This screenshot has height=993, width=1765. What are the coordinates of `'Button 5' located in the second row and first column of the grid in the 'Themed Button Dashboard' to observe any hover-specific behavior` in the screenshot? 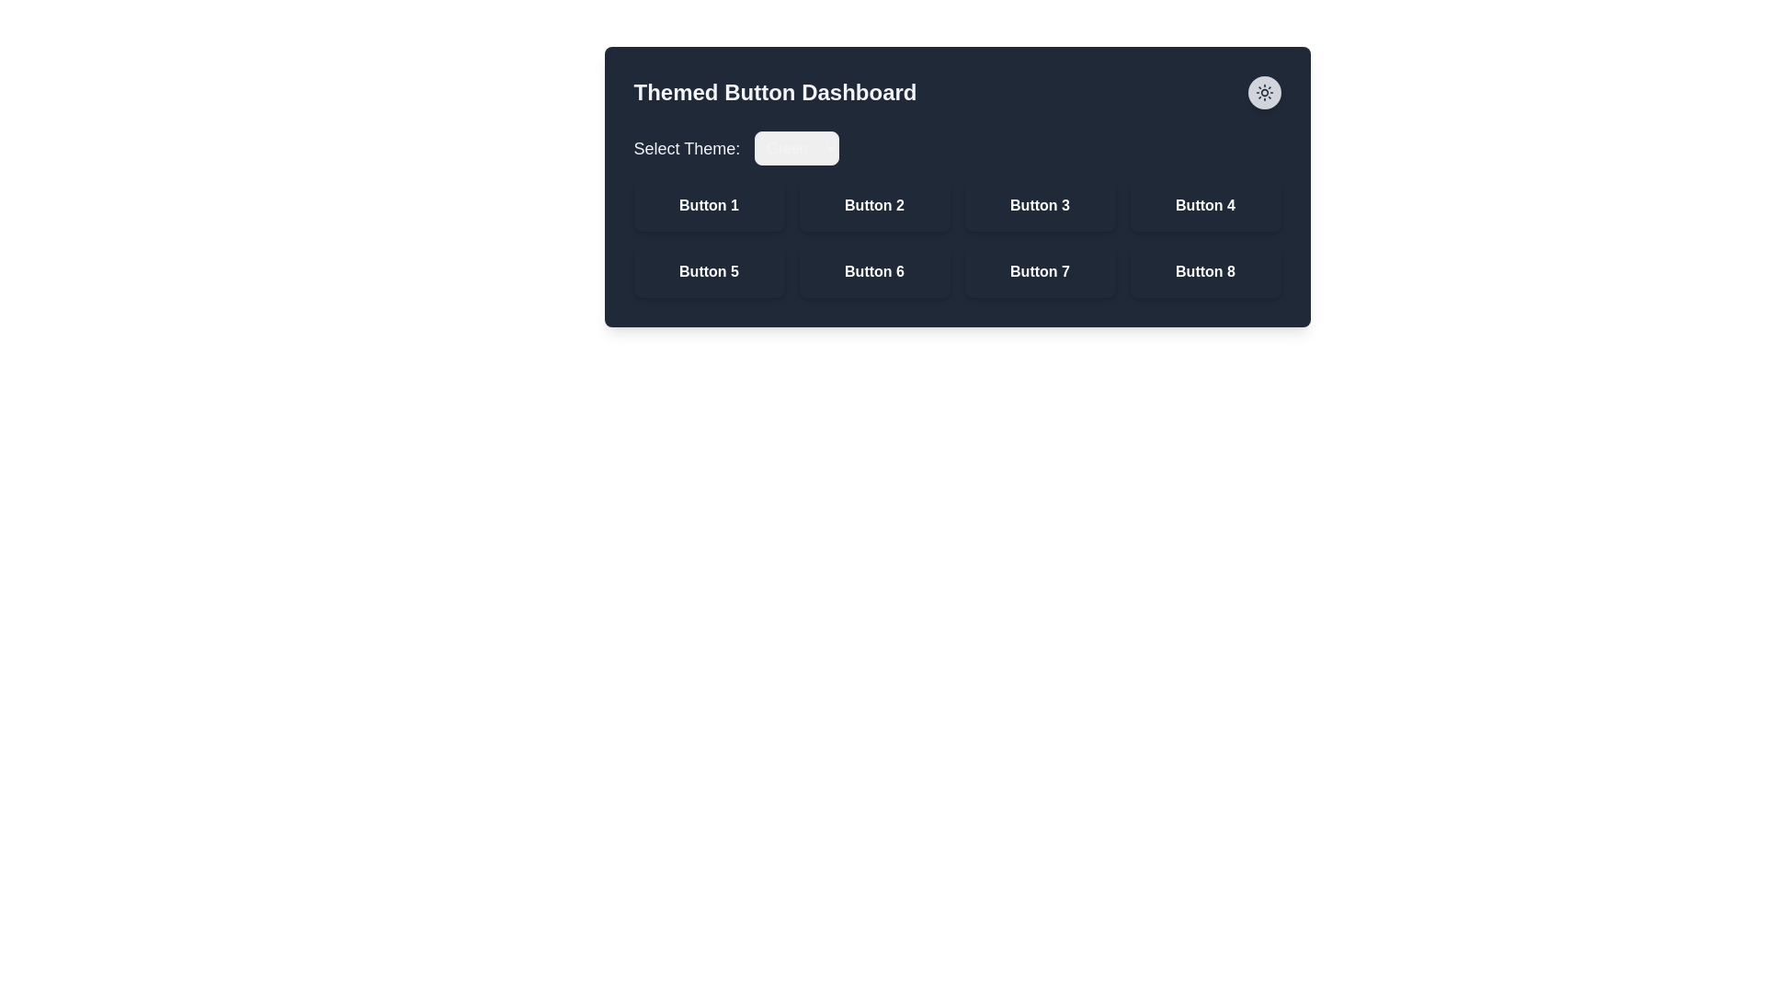 It's located at (708, 272).